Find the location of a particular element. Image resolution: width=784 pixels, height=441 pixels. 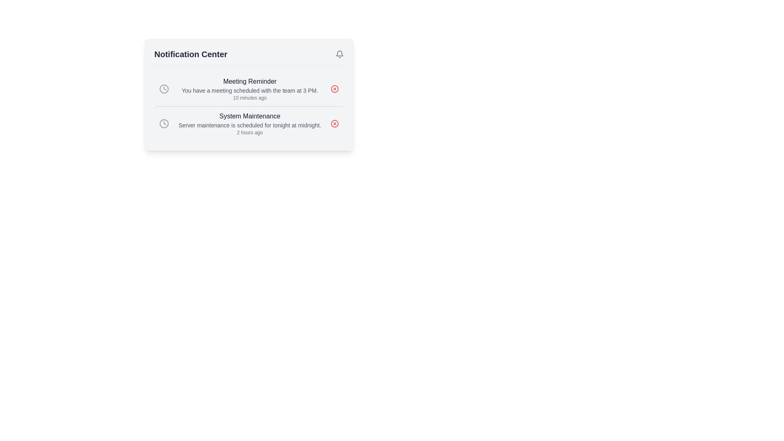

the central carved-out part of the bell-shaped SVG icon with a hollow gray outline is located at coordinates (339, 53).